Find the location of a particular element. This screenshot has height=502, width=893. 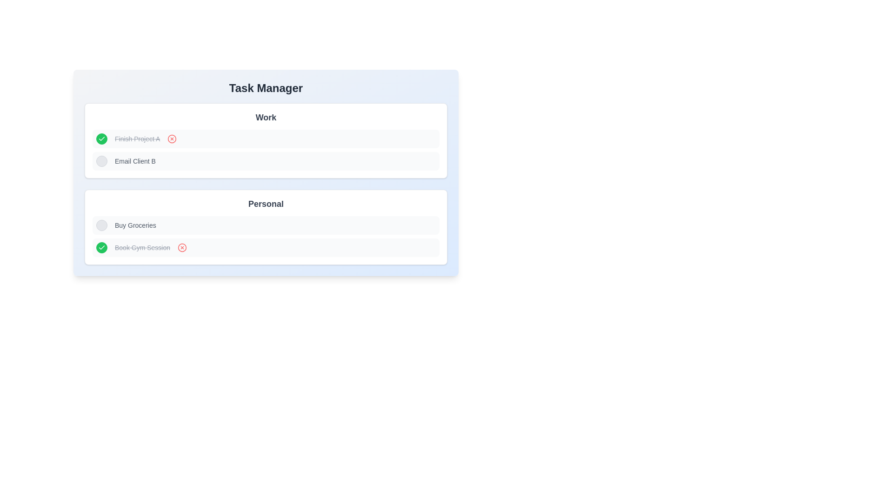

the delete or cancel SVG icon located in the 'Personal' section of the task manager, positioned to the right of 'Book Gym Session' is located at coordinates (182, 247).